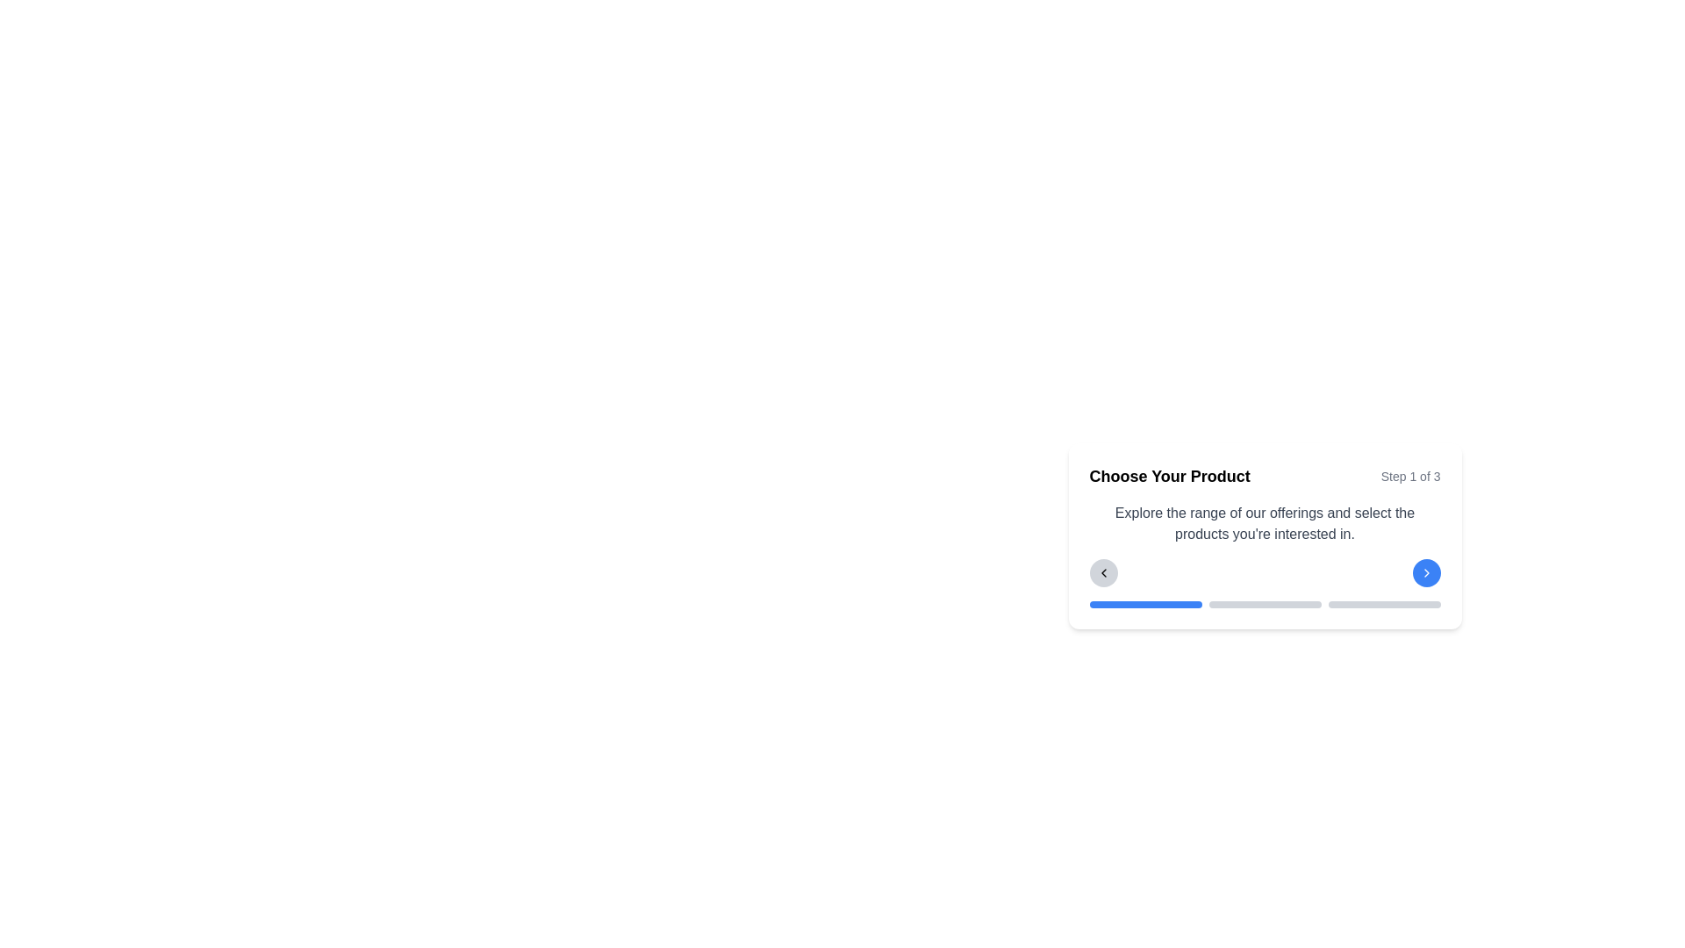 The image size is (1685, 948). Describe the element at coordinates (1265, 604) in the screenshot. I see `the inactive step of the progress indicator, which is a thin horizontal bar with rounded ends and a gray background, located in the middle of a three-bar sequence under the 'Choose Your Product' header` at that location.